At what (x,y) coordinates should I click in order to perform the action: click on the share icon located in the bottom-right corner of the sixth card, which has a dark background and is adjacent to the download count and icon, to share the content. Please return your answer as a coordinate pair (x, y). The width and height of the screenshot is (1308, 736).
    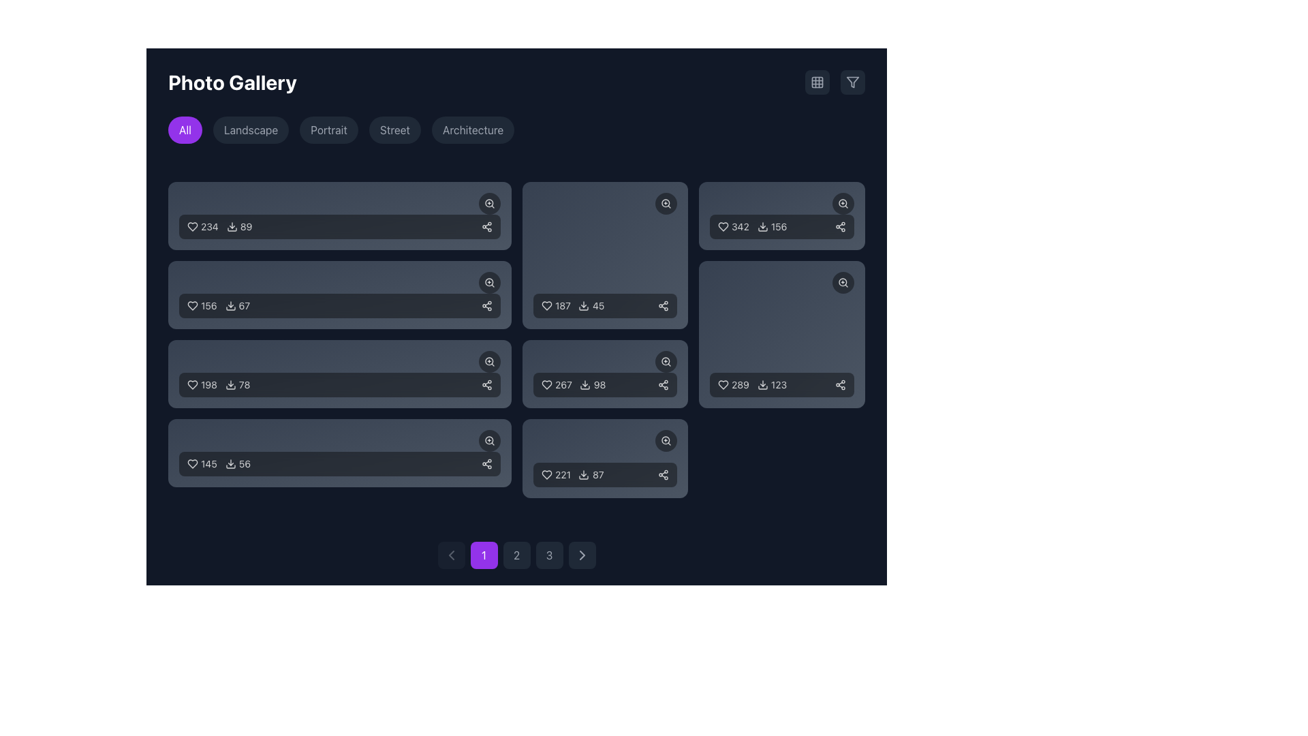
    Looking at the image, I should click on (664, 384).